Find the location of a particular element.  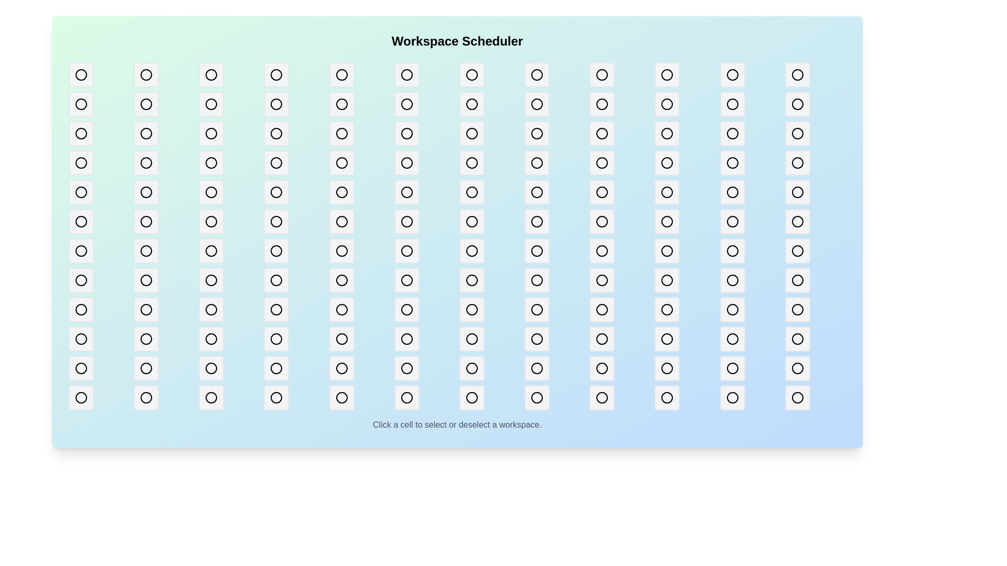

the instruction text below the grid is located at coordinates (457, 424).